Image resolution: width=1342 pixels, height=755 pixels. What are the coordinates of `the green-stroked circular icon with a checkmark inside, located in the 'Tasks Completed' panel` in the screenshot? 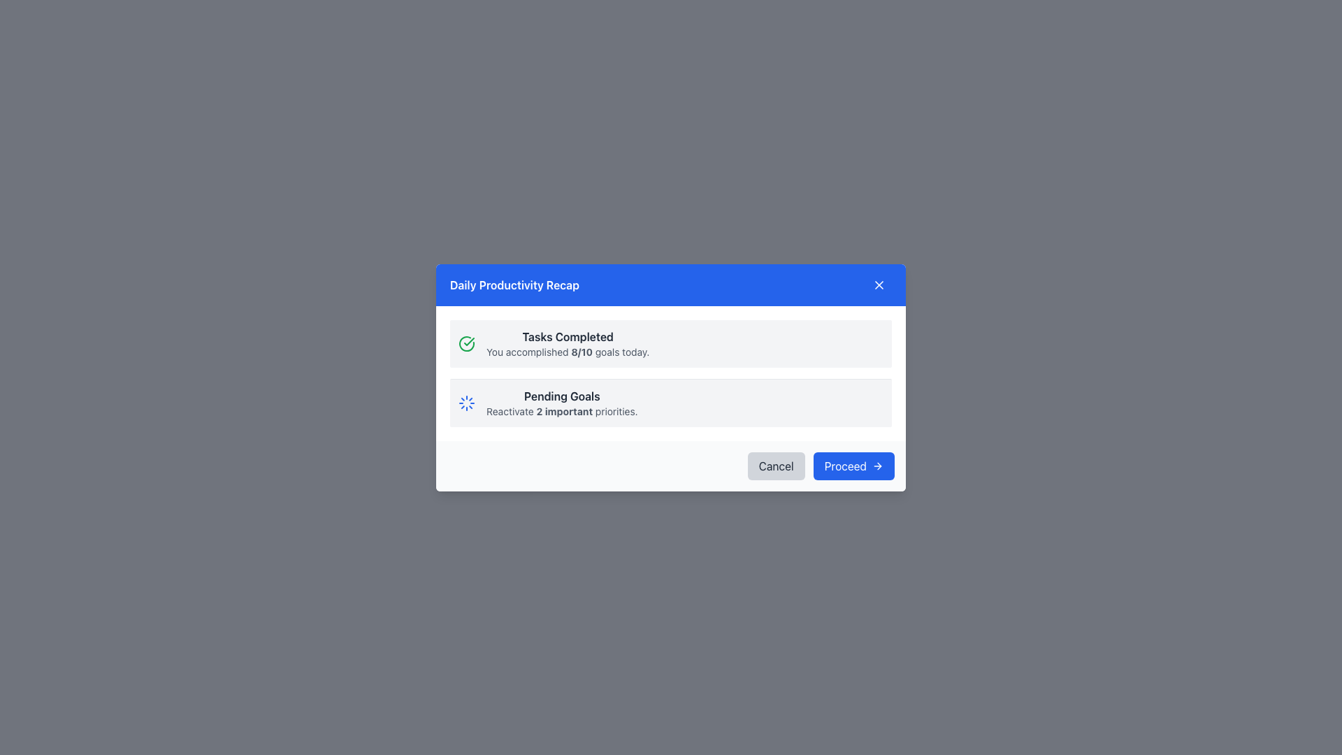 It's located at (466, 343).